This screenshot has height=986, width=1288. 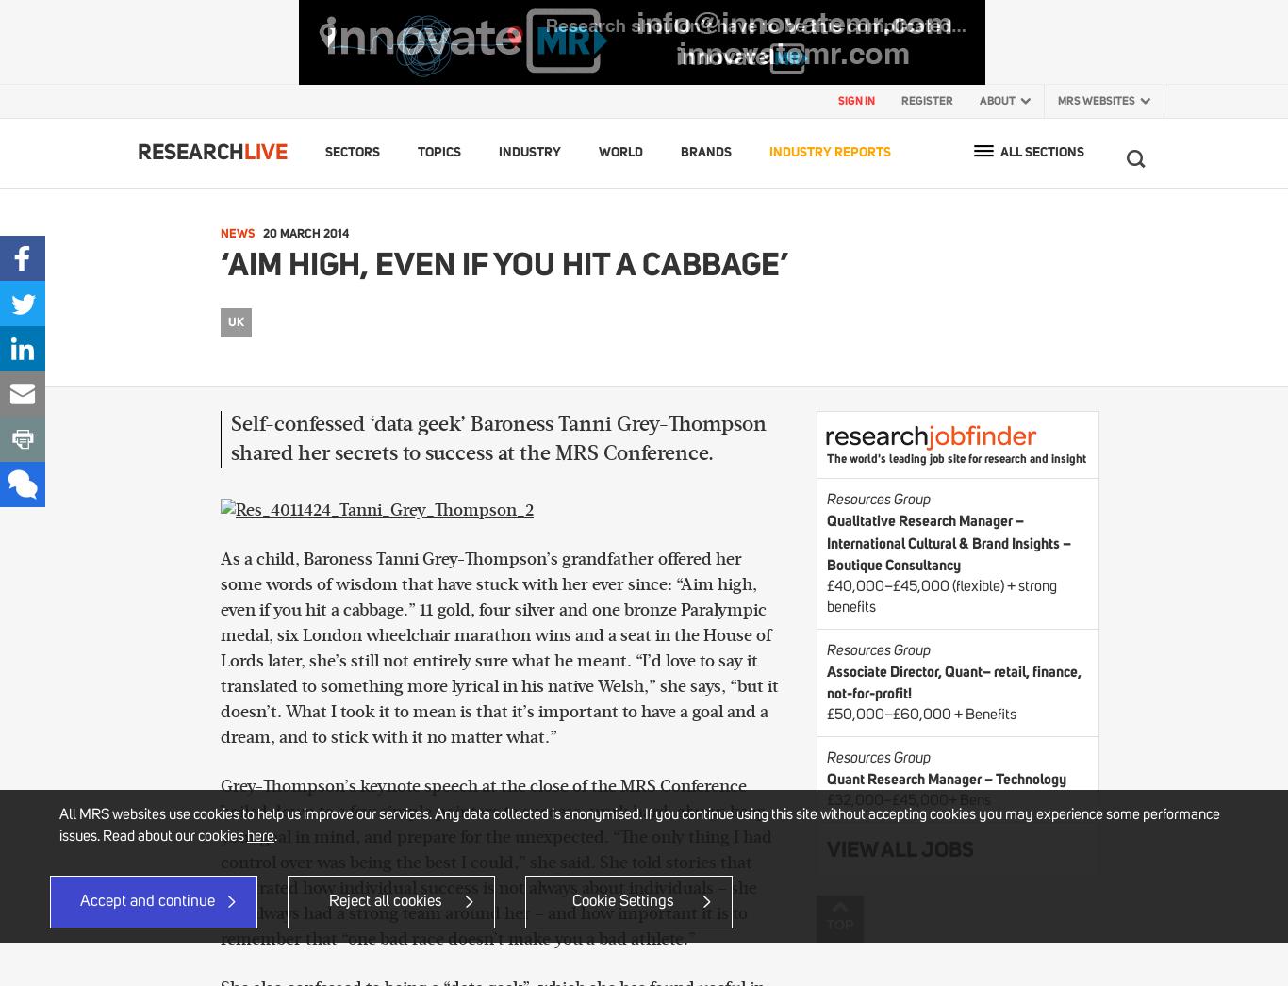 I want to click on 'UK', so click(x=236, y=320).